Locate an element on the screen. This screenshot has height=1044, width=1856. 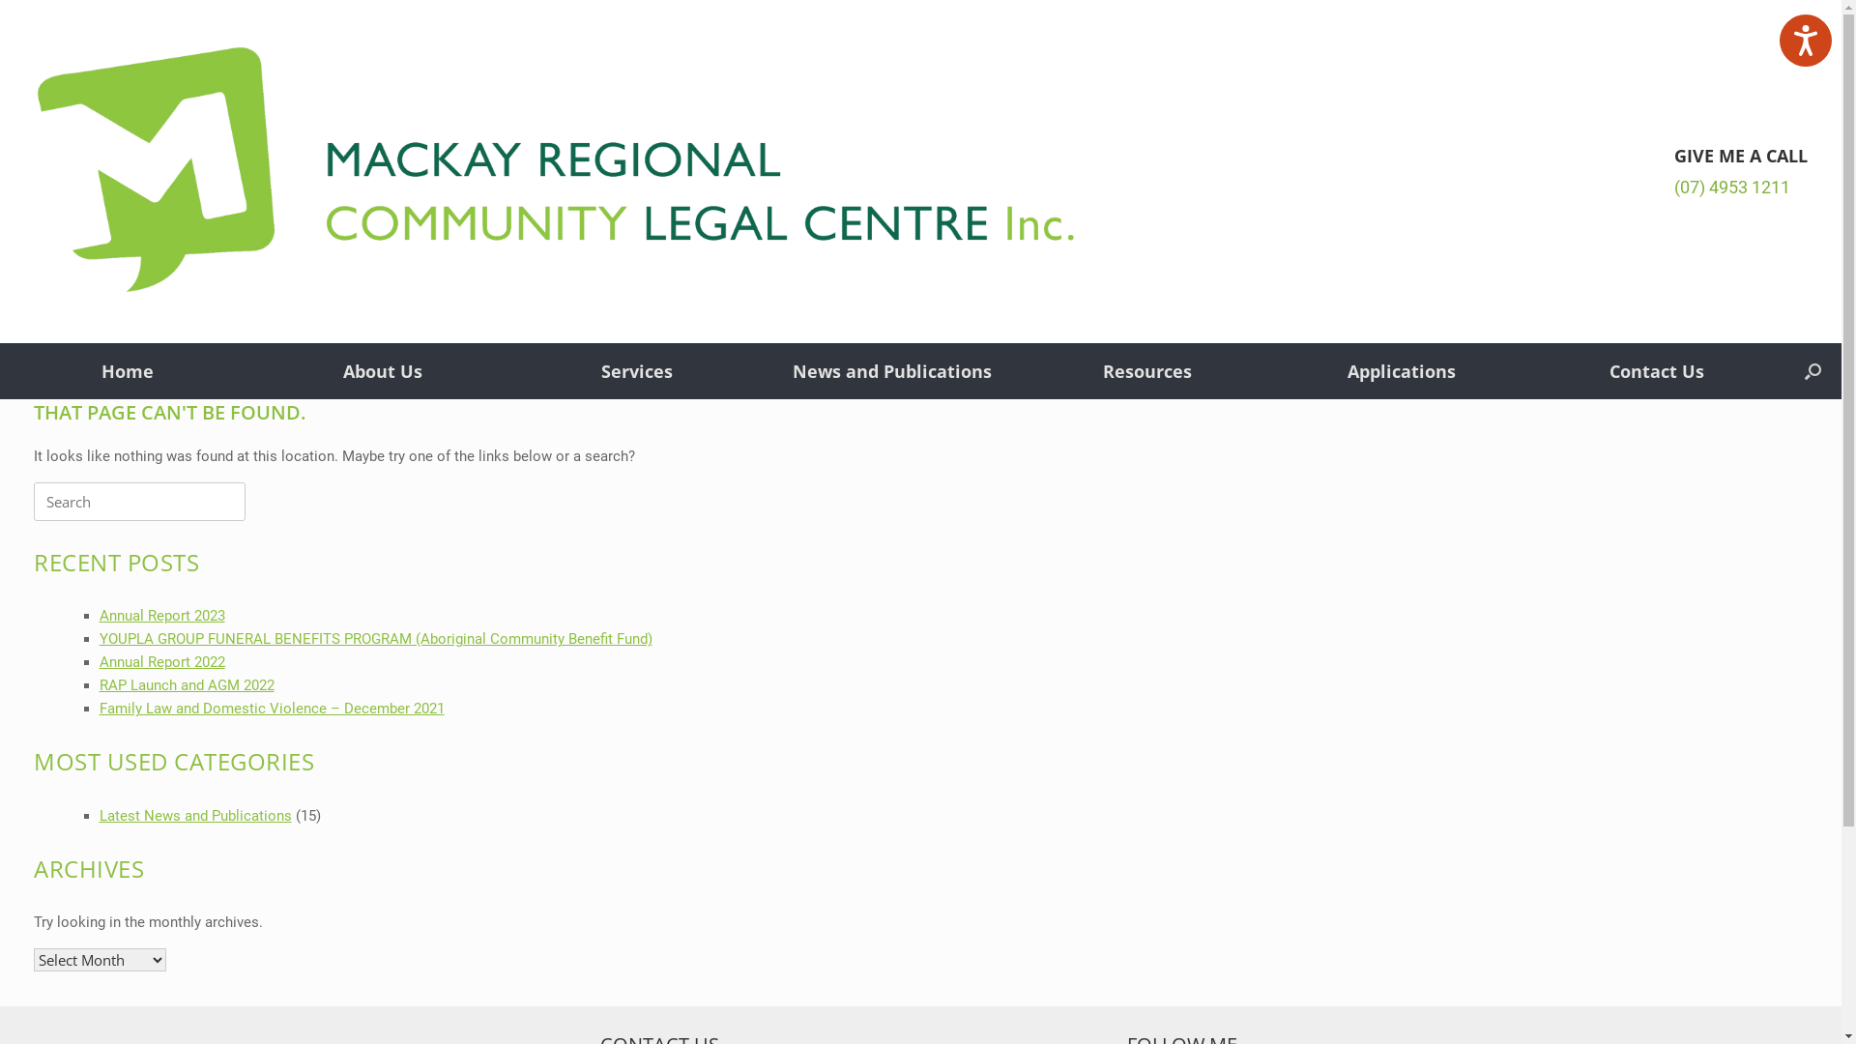
'News and Publications' is located at coordinates (890, 371).